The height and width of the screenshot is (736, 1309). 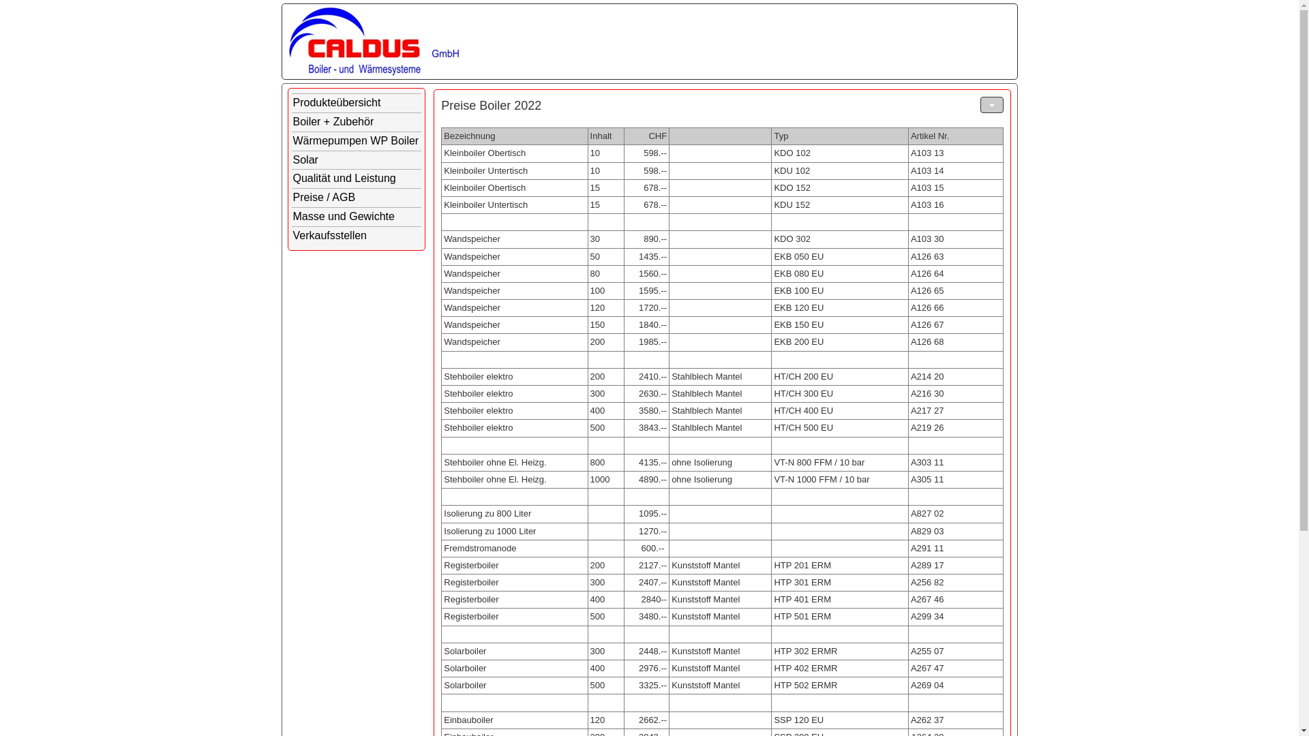 I want to click on 'Preise / AGB', so click(x=357, y=198).